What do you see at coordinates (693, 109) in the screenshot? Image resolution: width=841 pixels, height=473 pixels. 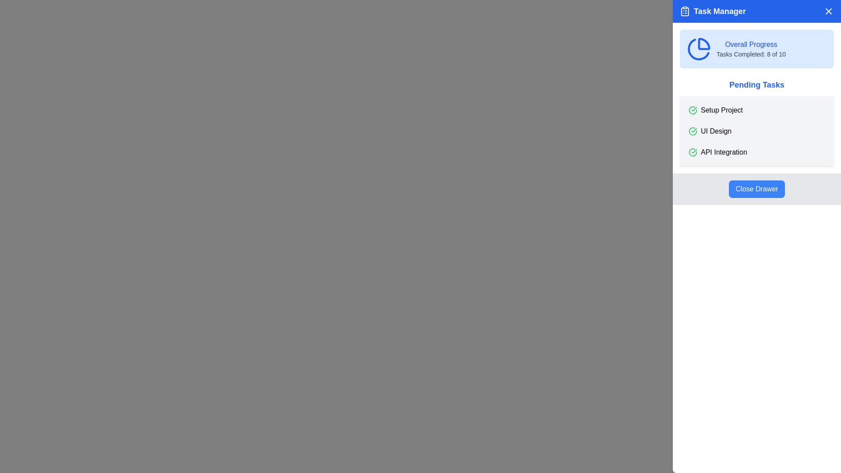 I see `the circular icon with a green outline and check mark, which signifies completion, located to the left of the text 'Setup Project' in the 'Pending Tasks' list` at bounding box center [693, 109].